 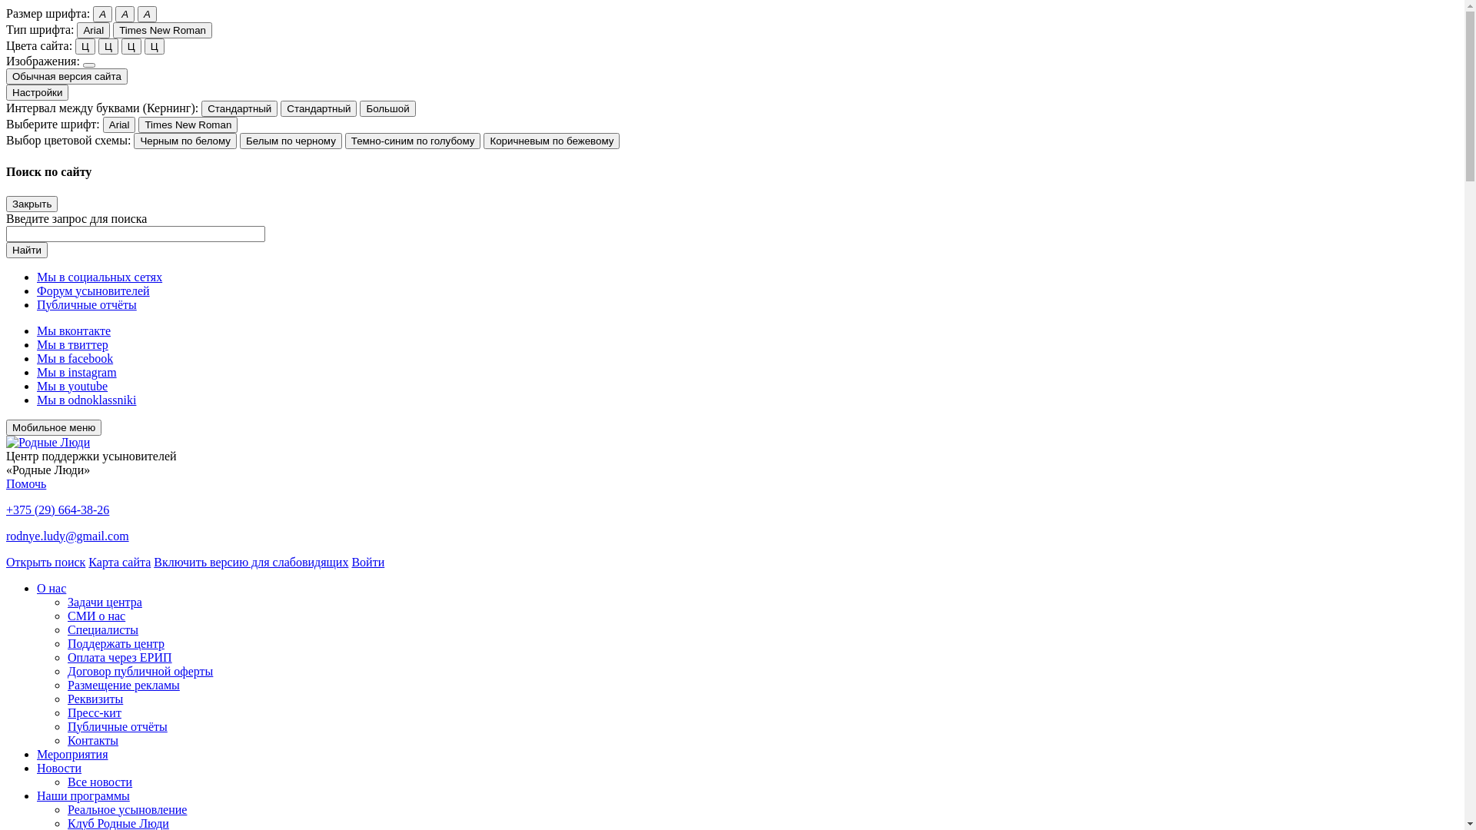 What do you see at coordinates (102, 124) in the screenshot?
I see `'Arial'` at bounding box center [102, 124].